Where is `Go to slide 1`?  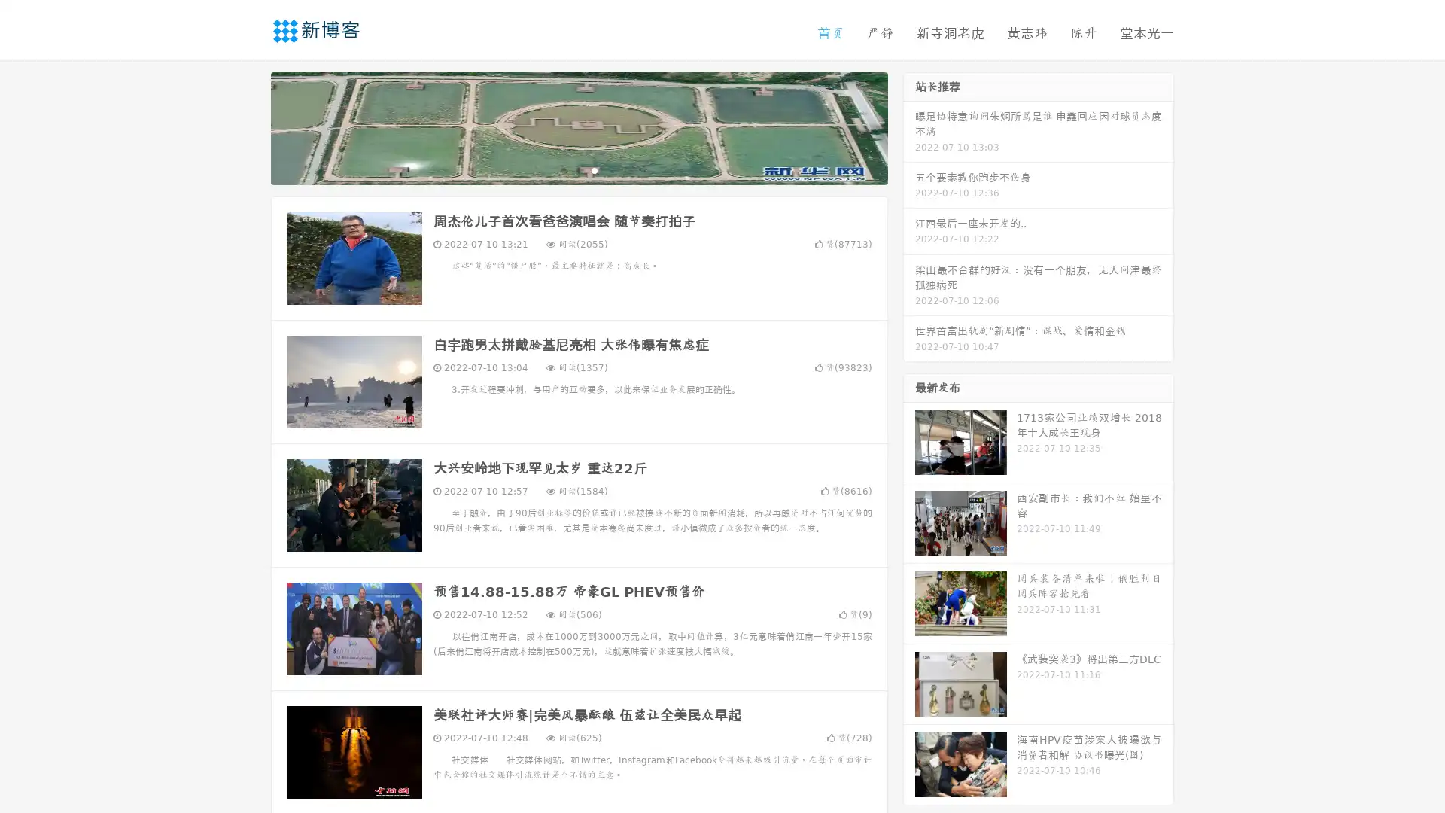
Go to slide 1 is located at coordinates (563, 169).